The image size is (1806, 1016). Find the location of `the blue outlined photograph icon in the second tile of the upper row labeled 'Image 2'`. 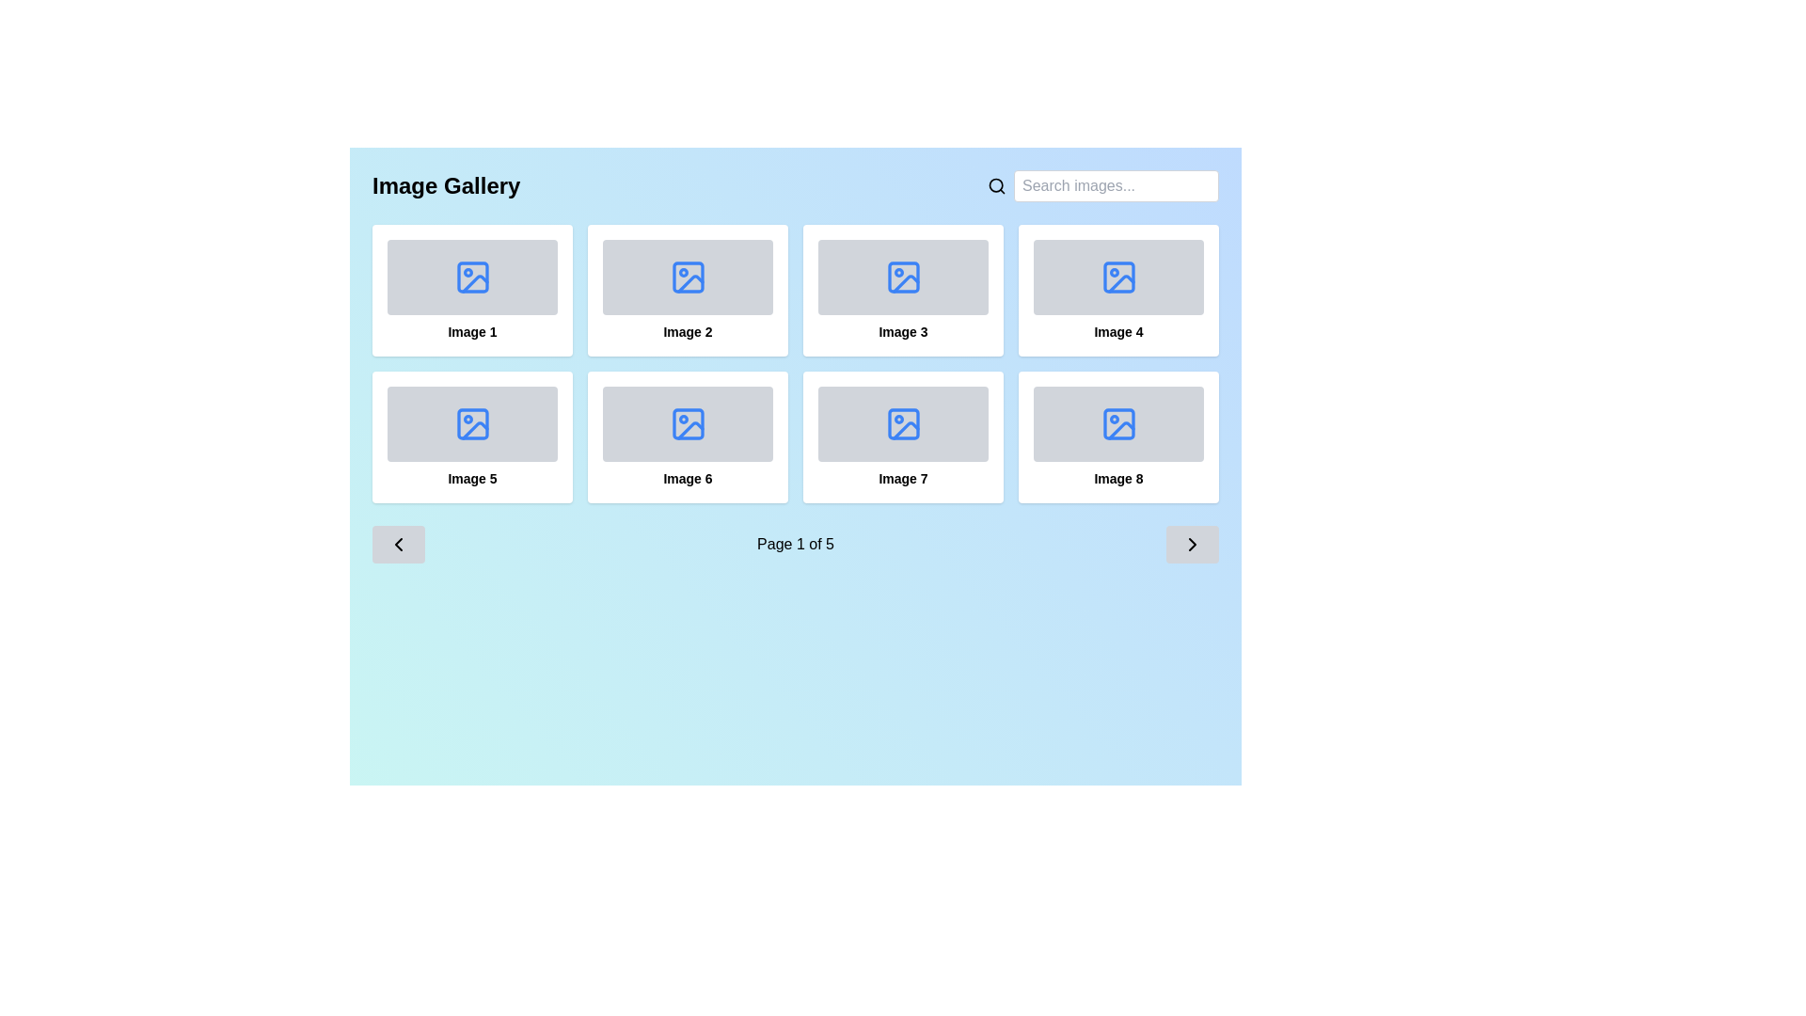

the blue outlined photograph icon in the second tile of the upper row labeled 'Image 2' is located at coordinates (687, 277).